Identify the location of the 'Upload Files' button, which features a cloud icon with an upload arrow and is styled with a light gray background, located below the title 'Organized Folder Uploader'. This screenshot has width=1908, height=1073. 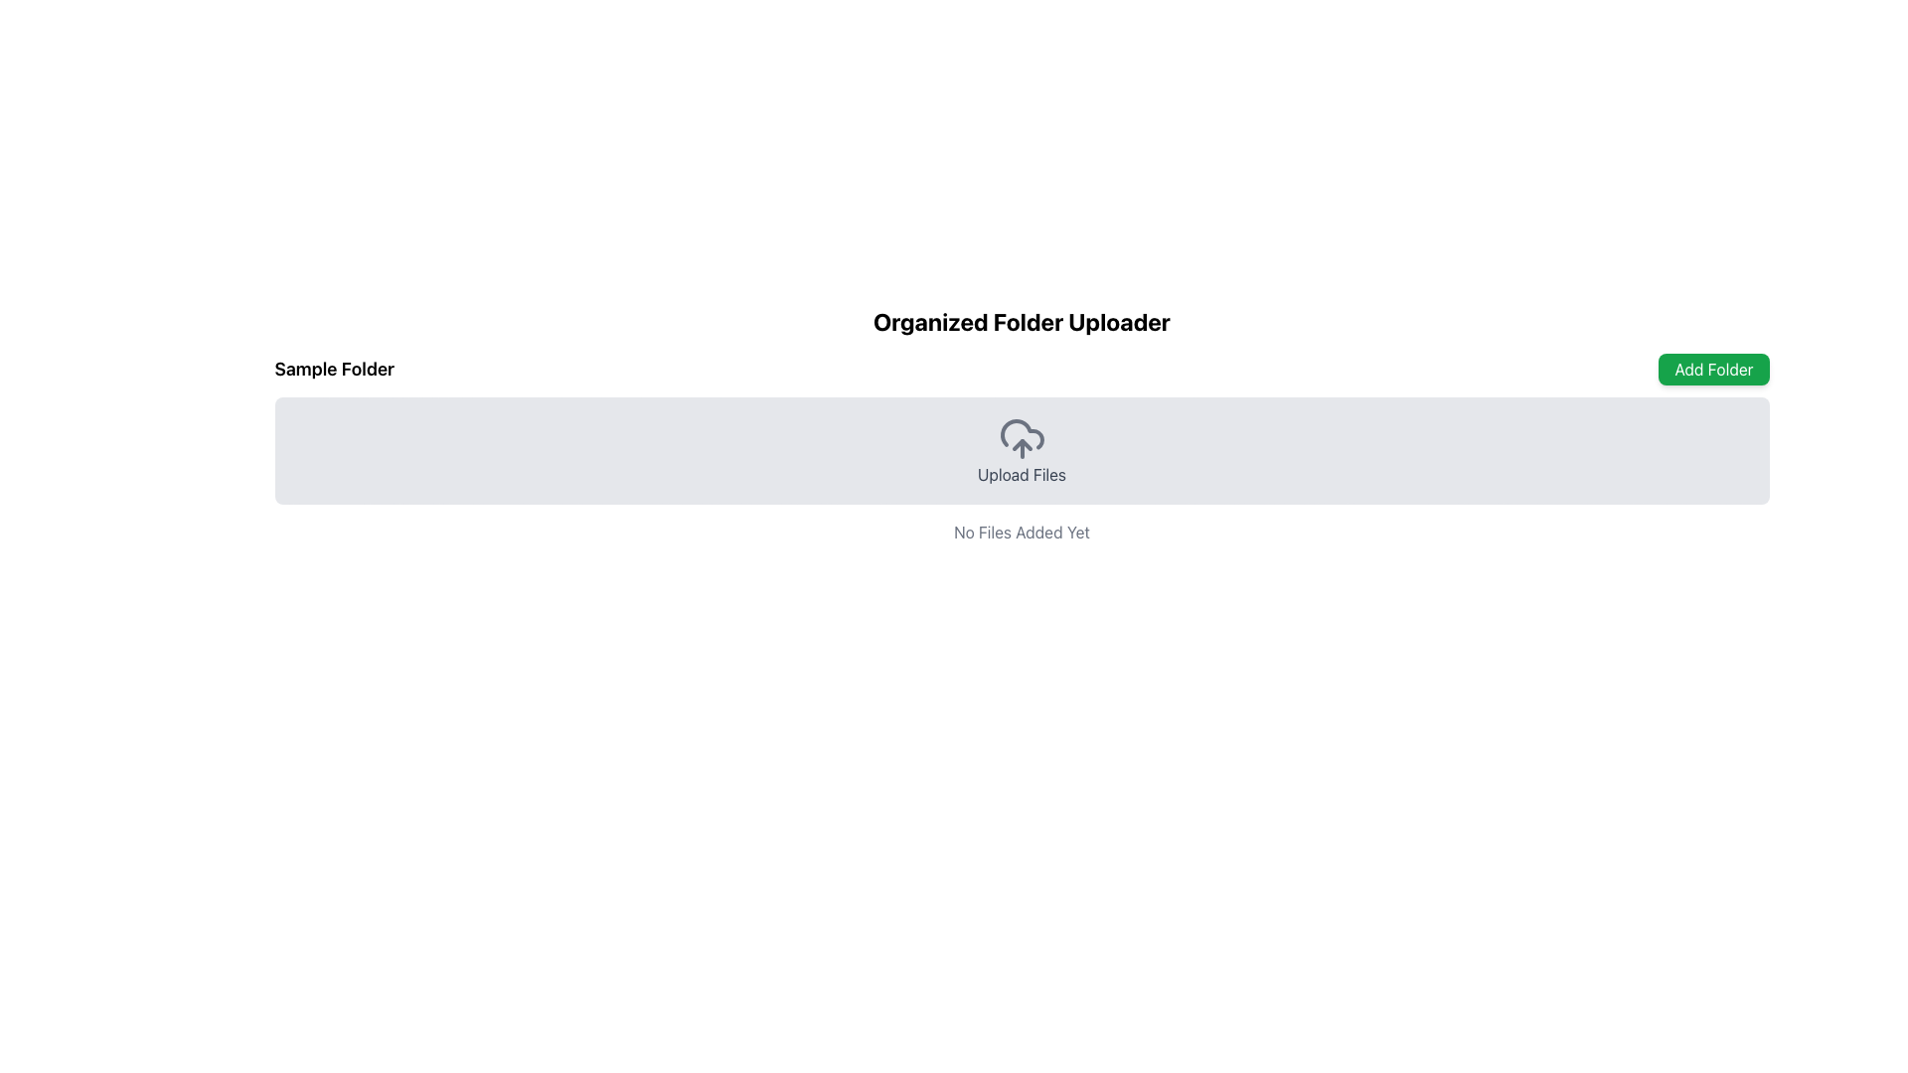
(1022, 451).